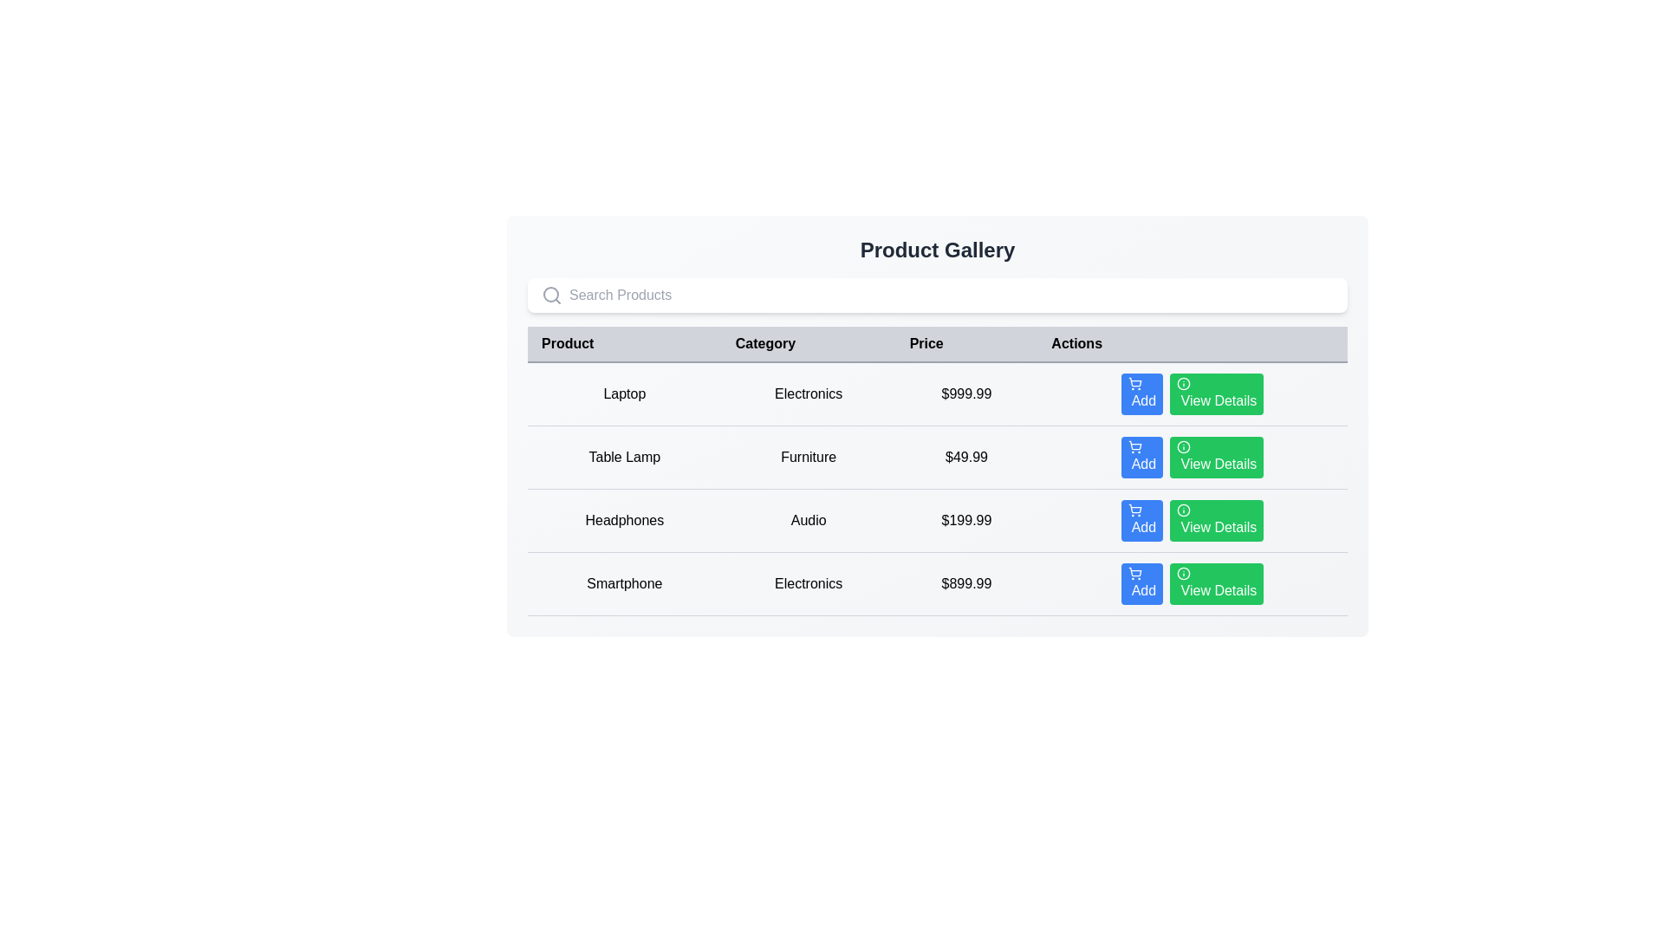  Describe the element at coordinates (1183, 574) in the screenshot. I see `the circular SVG icon within the 'View Details' button in the last row of the table` at that location.